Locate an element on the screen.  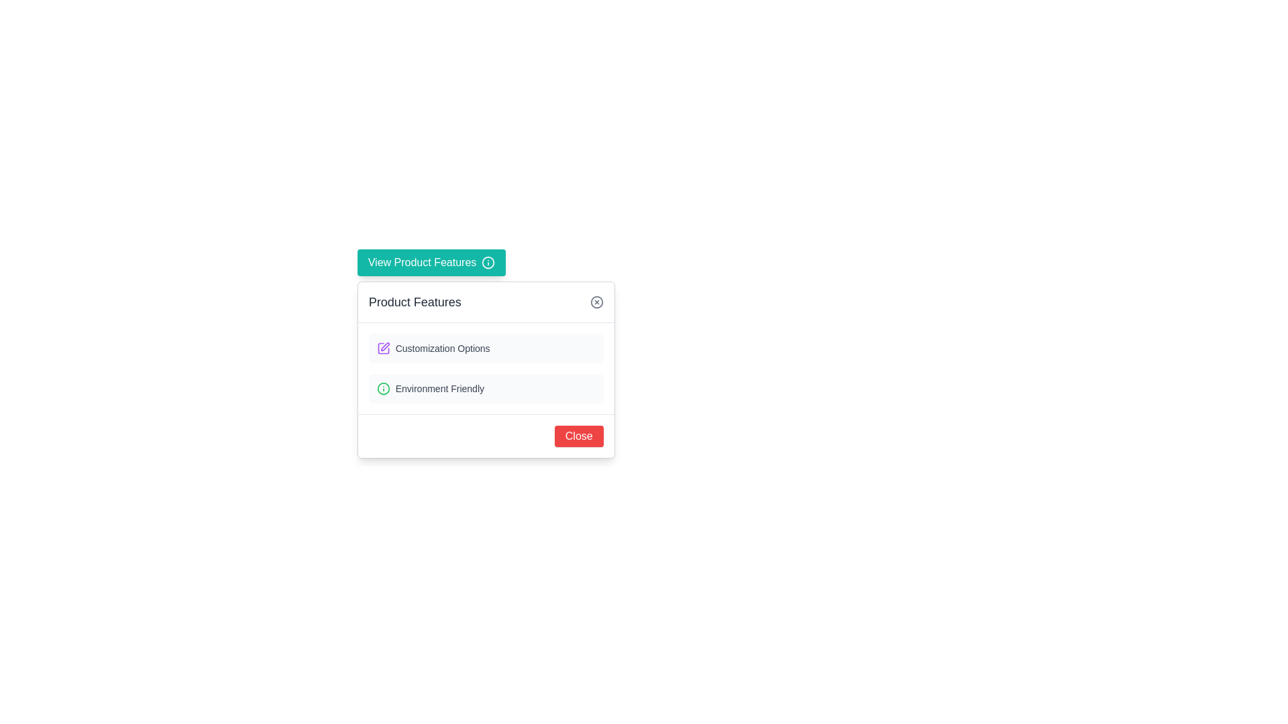
the 'Product Features' text label, which is a bold and medium-sized gray label located in the upper section of a segmented area within a pop-up or modal window is located at coordinates (414, 302).